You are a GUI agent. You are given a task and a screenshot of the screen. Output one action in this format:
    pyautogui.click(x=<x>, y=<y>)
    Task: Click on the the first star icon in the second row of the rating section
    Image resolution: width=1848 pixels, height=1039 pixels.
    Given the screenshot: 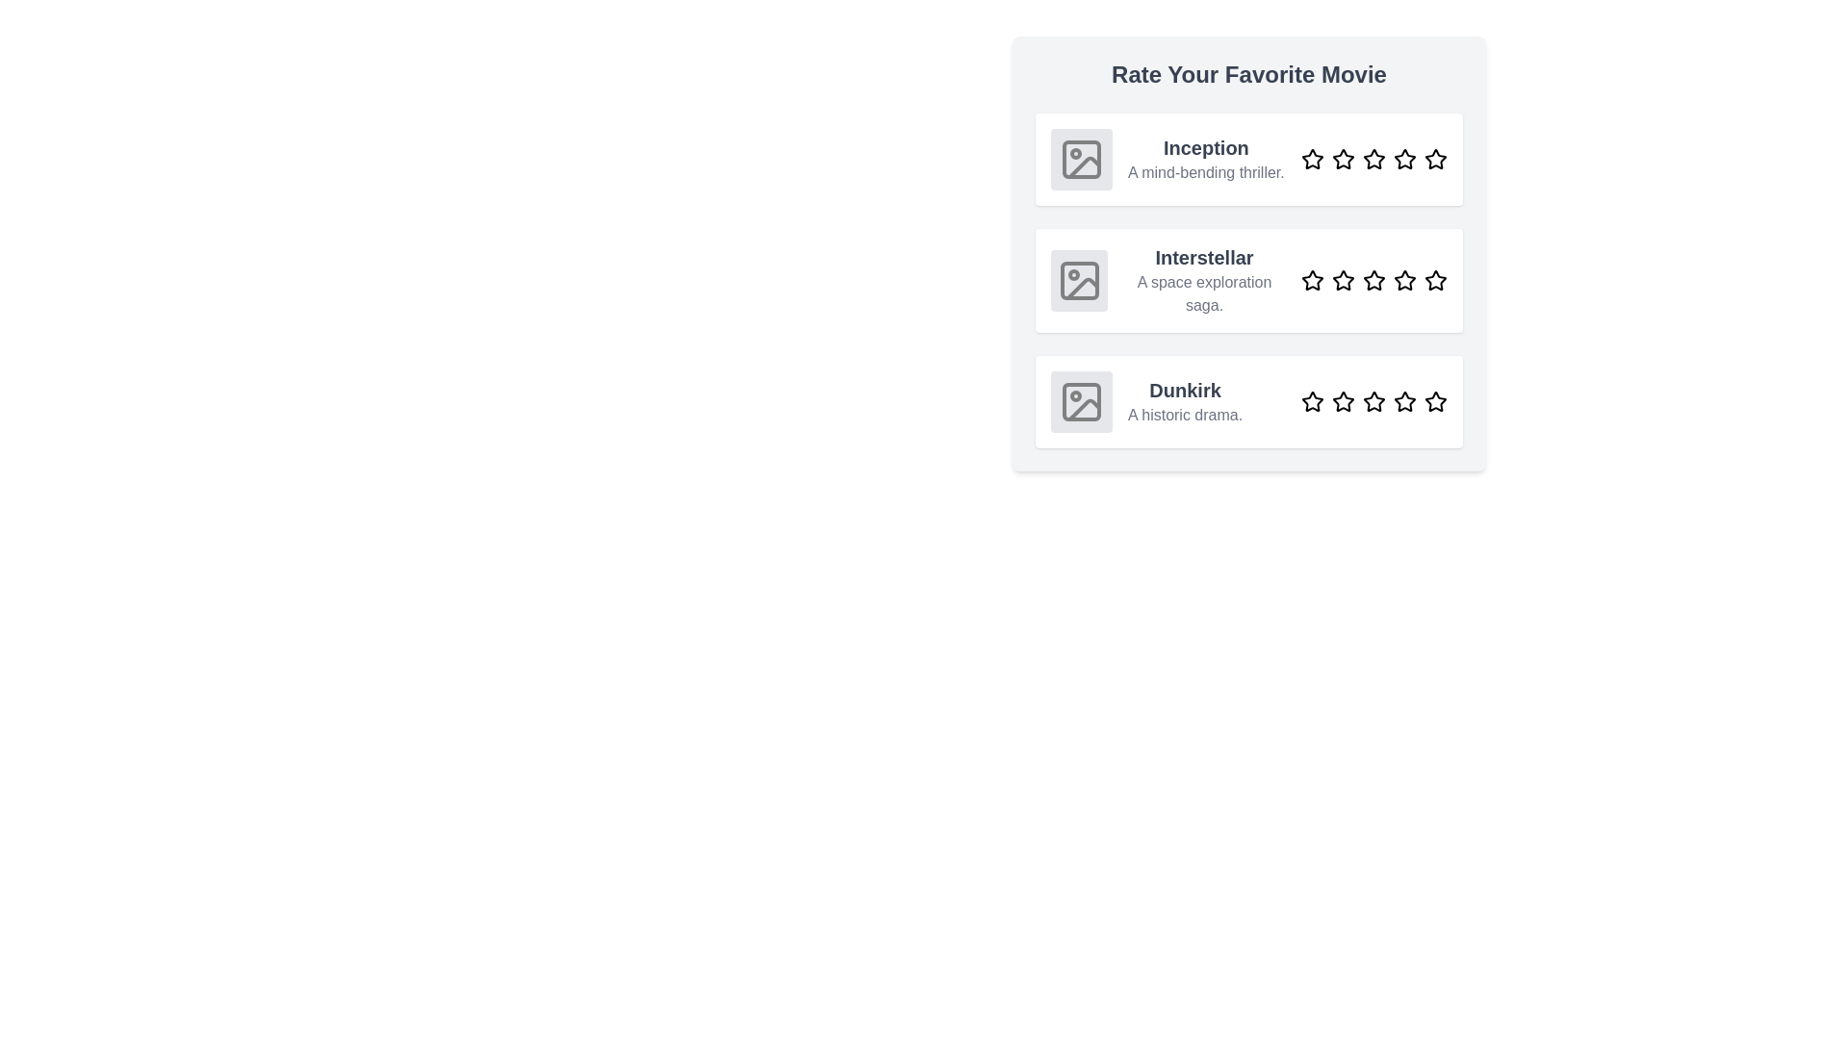 What is the action you would take?
    pyautogui.click(x=1311, y=280)
    